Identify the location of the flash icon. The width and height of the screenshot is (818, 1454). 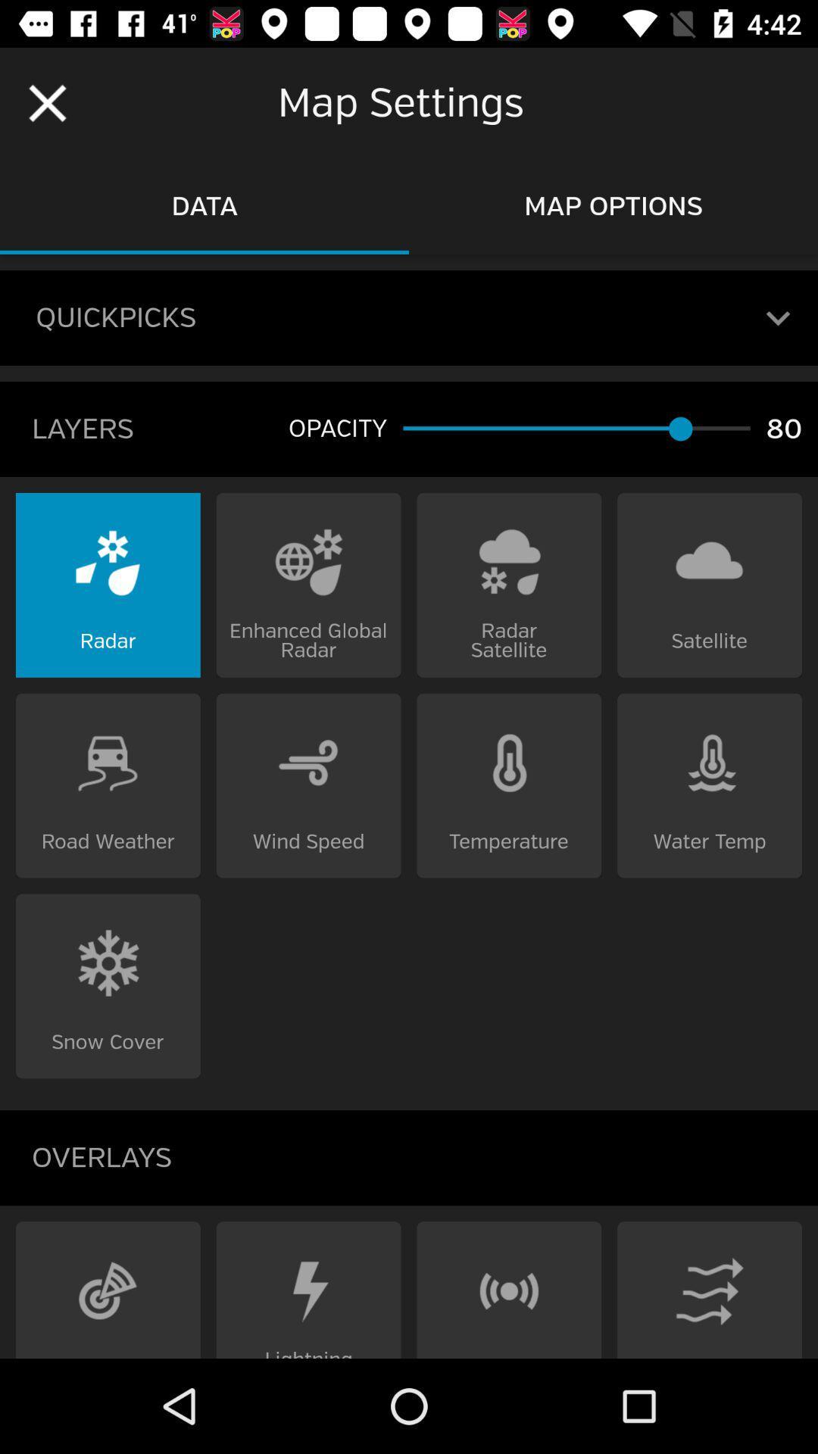
(308, 1289).